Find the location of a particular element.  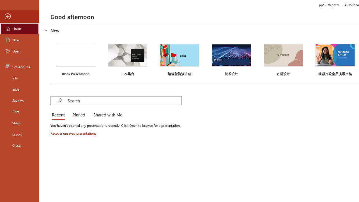

'Print' is located at coordinates (19, 112).